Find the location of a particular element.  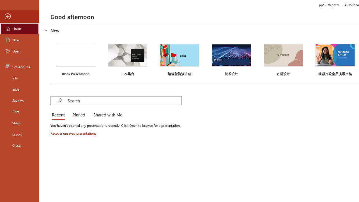

'Print' is located at coordinates (19, 112).